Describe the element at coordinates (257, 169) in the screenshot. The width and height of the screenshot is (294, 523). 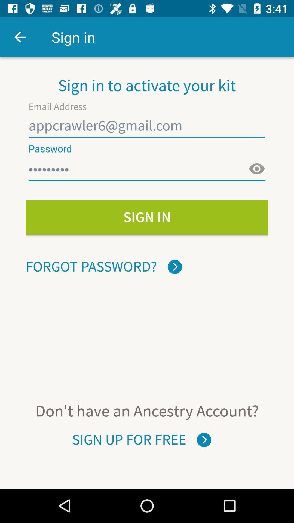
I see `show the password` at that location.